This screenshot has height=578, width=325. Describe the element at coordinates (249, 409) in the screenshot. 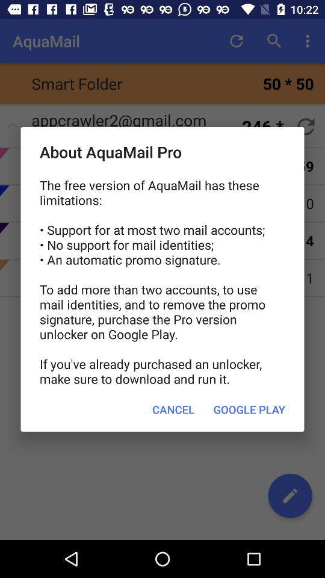

I see `icon below the free version` at that location.